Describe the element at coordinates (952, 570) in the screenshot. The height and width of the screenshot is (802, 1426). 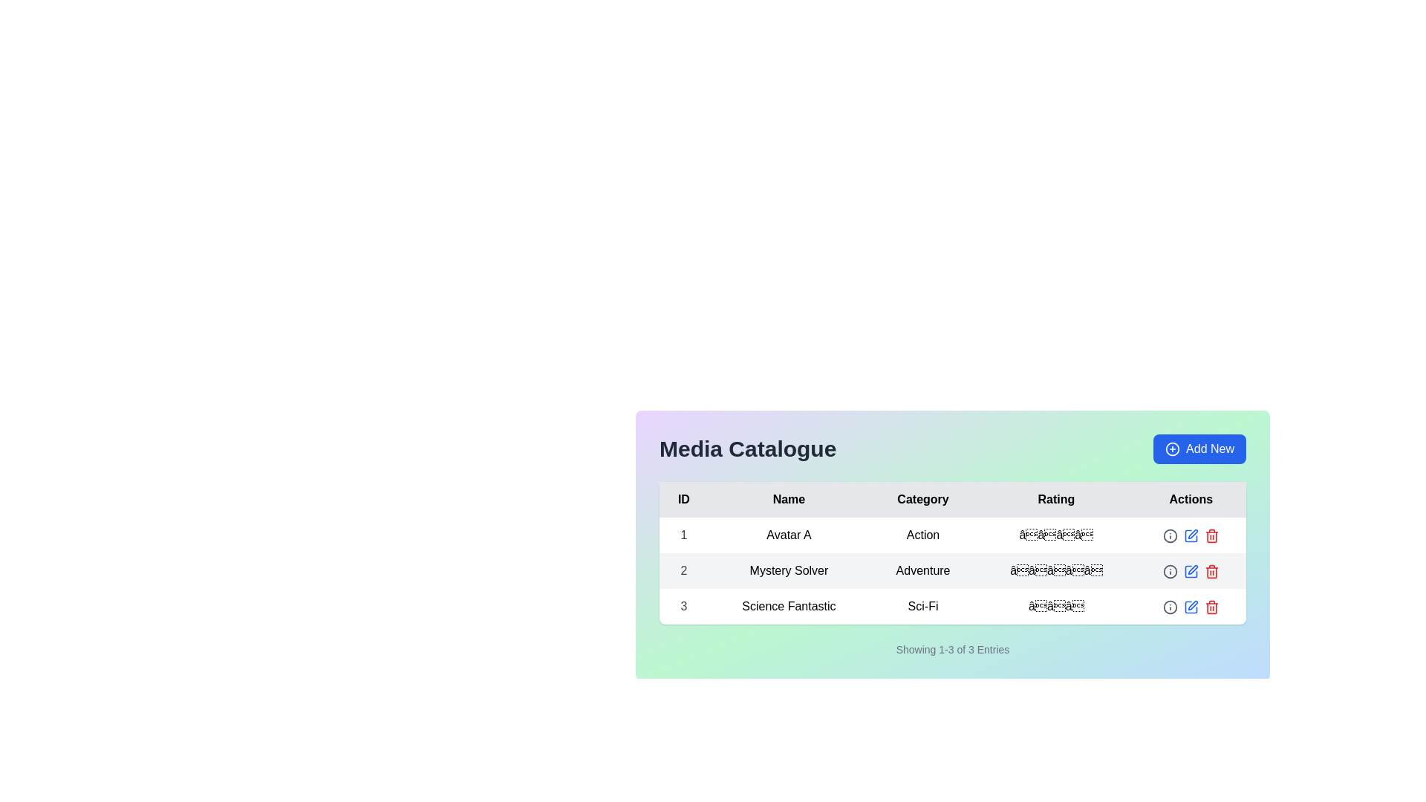
I see `the second row of the 'Media Catalogue' table, which has a light gray background and contains the title 'Mystery Solver'` at that location.